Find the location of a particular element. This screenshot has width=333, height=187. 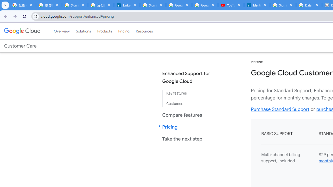

'Purchase Standard Support' is located at coordinates (280, 109).